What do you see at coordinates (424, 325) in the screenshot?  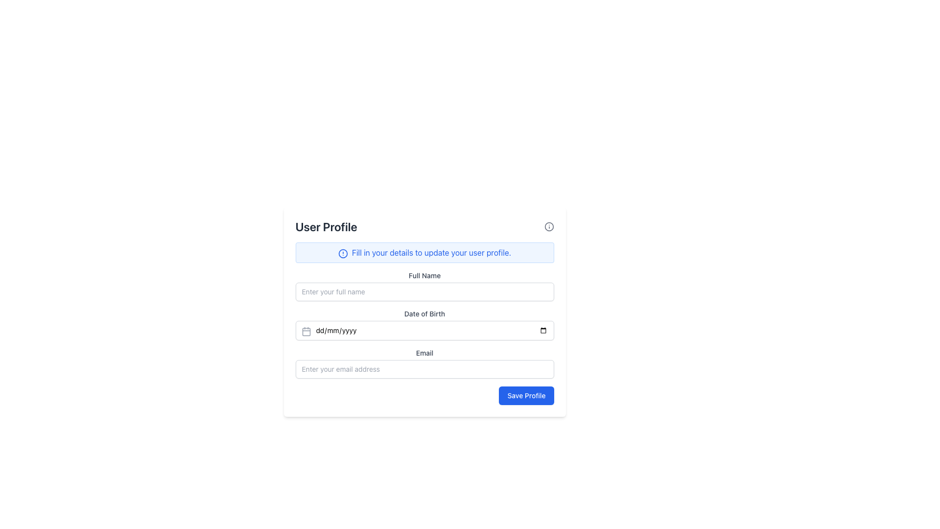 I see `the labeled input field for date of birth, which is situated in the middle of the form between the 'Full Name' and 'Email' fields, to type a date` at bounding box center [424, 325].